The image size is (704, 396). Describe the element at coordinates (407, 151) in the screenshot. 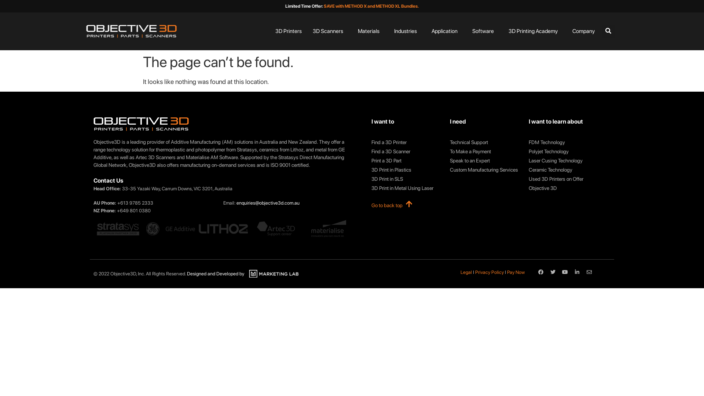

I see `'Find a 3D Scanner'` at that location.